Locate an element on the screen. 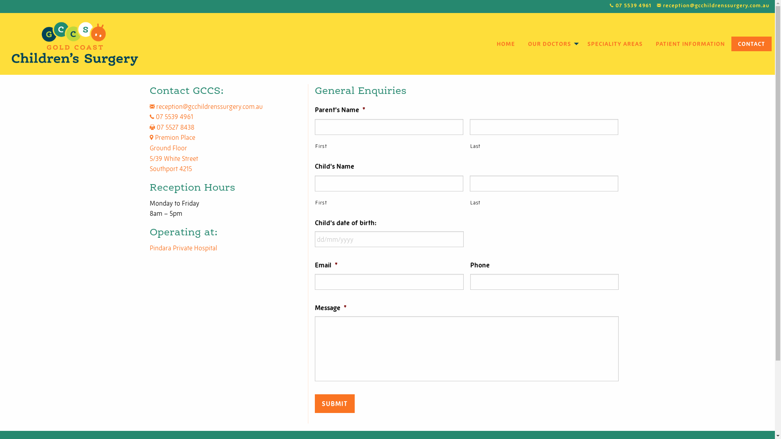 This screenshot has width=781, height=439. 'Pindara Private Hospital' is located at coordinates (183, 247).